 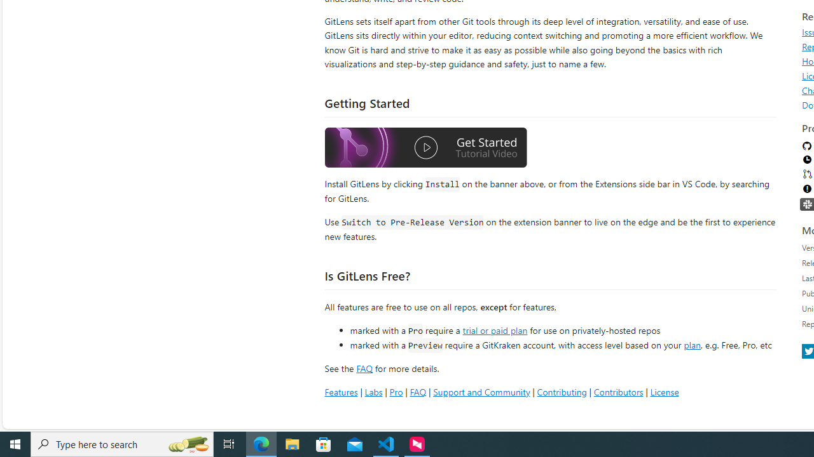 What do you see at coordinates (691, 345) in the screenshot?
I see `'plan'` at bounding box center [691, 345].